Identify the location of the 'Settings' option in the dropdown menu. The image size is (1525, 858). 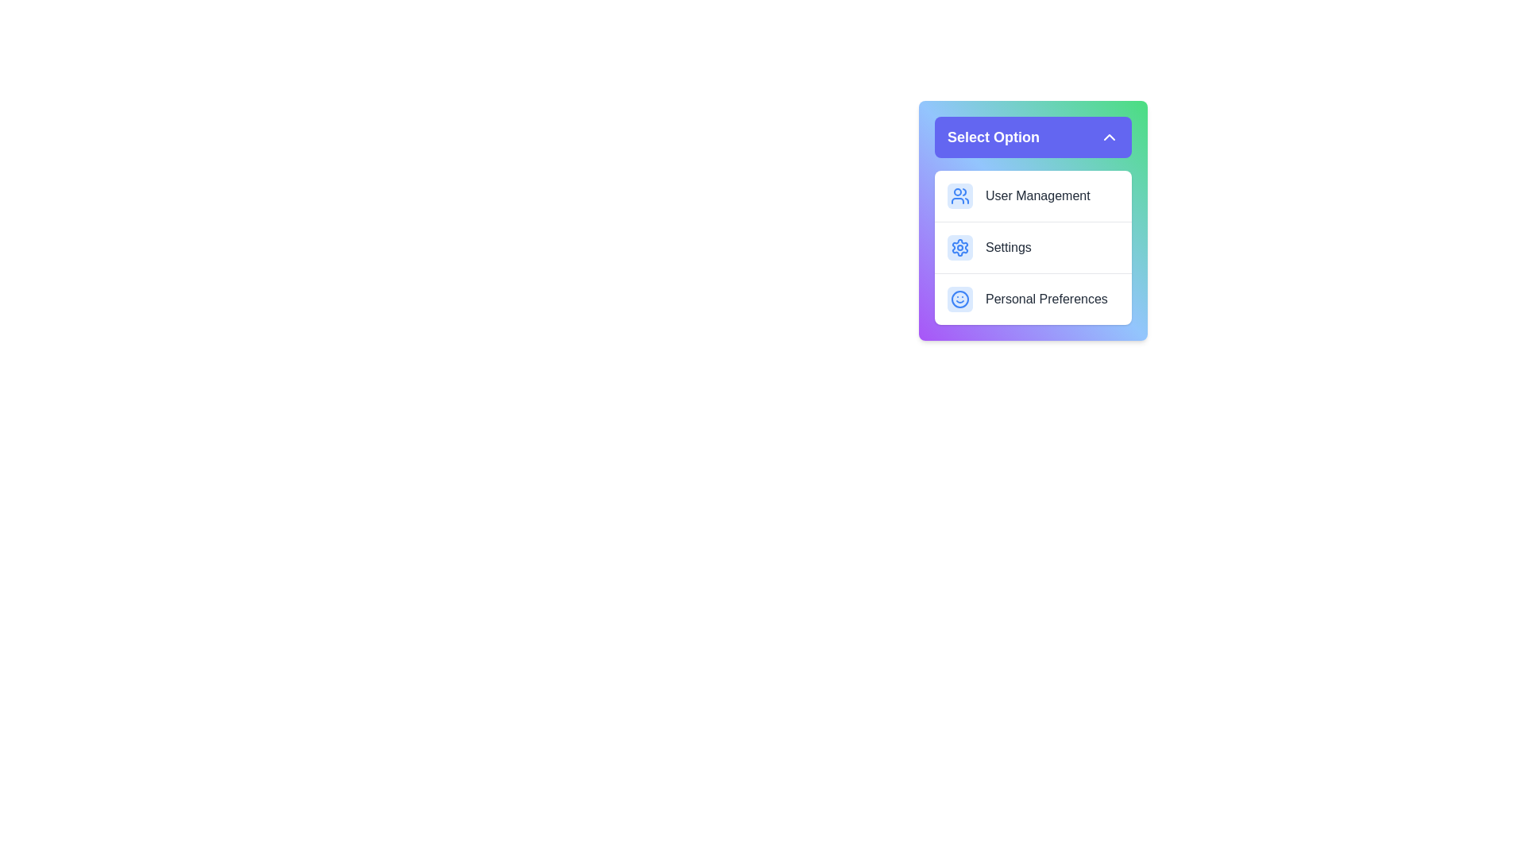
(1033, 248).